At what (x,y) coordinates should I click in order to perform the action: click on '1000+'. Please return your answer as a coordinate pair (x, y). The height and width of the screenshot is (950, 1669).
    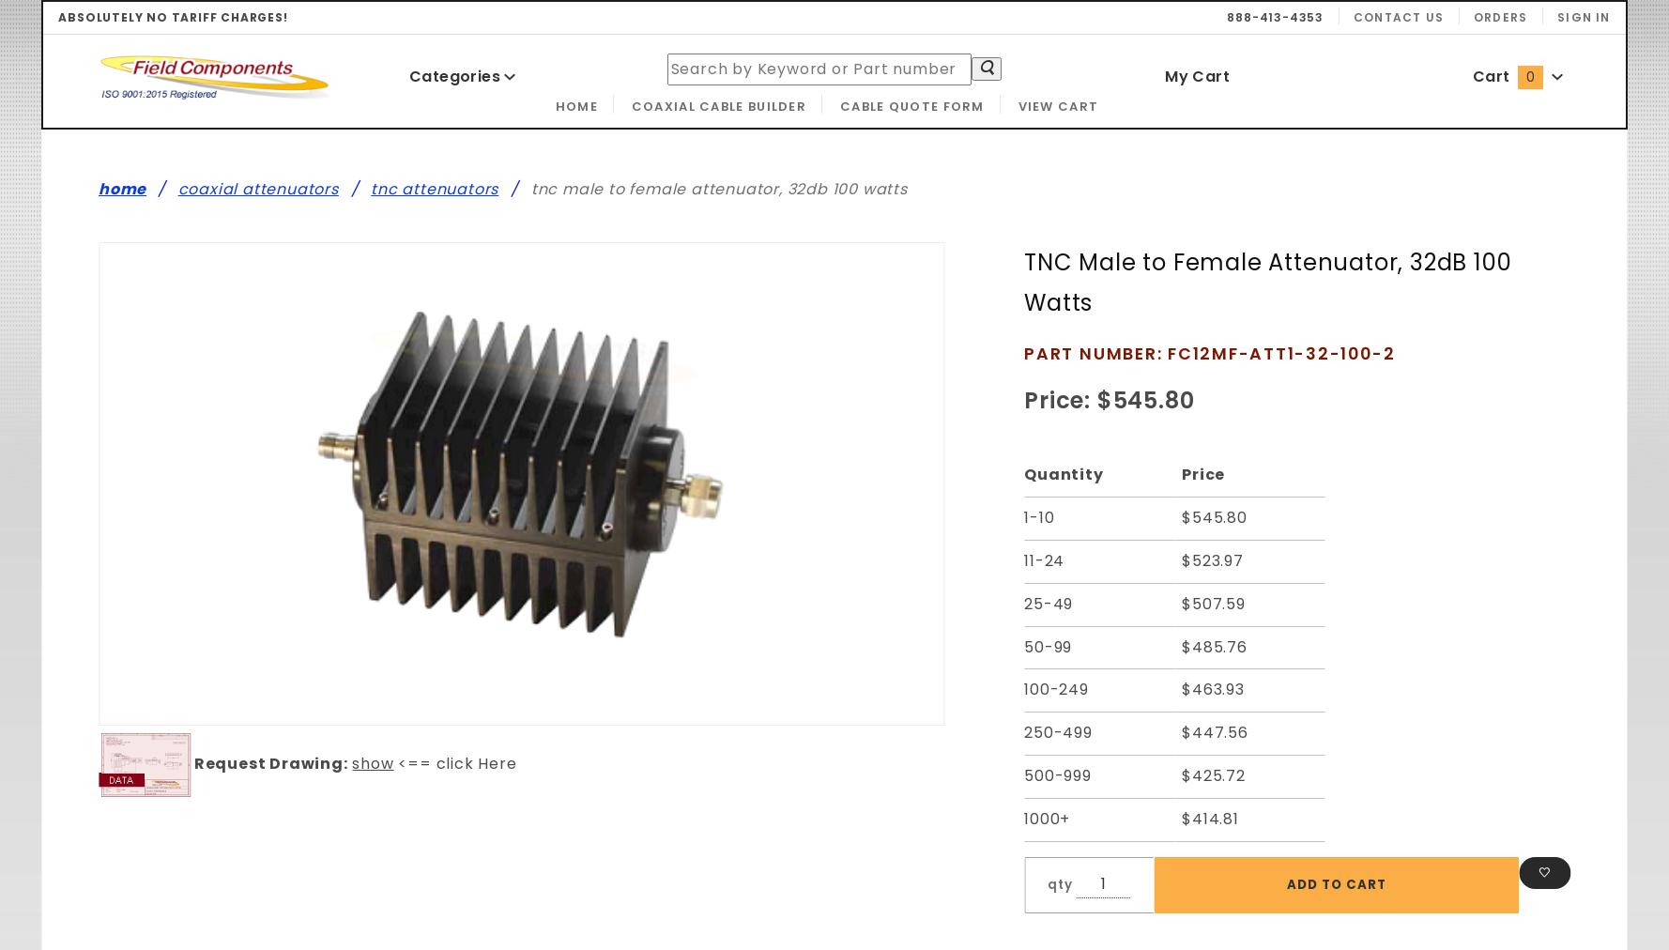
    Looking at the image, I should click on (1022, 817).